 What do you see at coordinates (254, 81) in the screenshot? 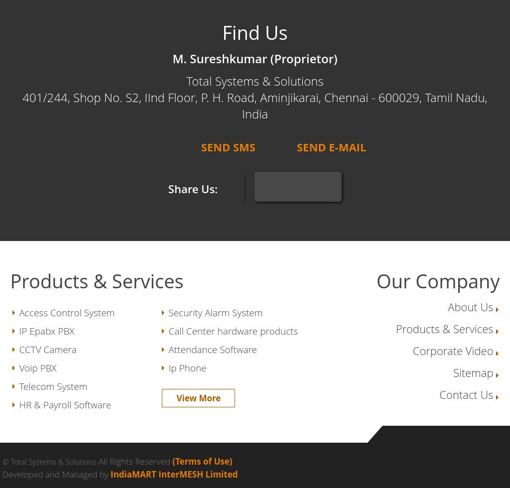
I see `'Total Systems & Solutions'` at bounding box center [254, 81].